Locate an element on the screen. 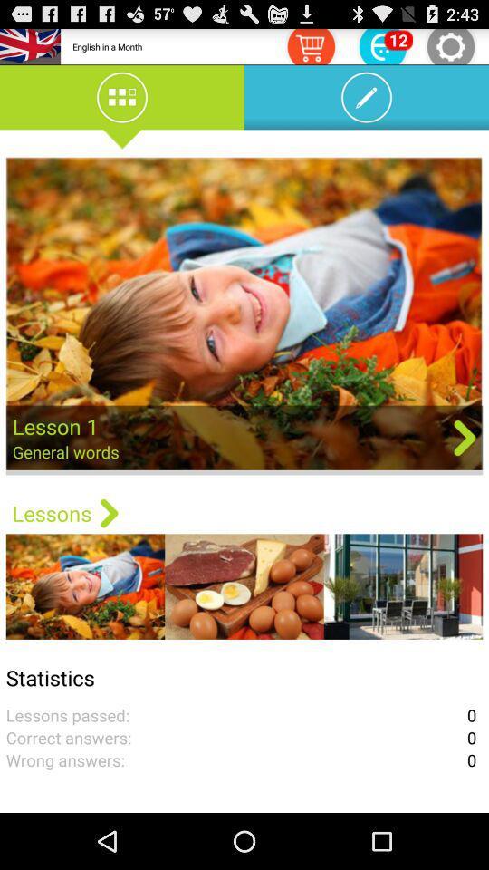 The image size is (489, 870). the next arrow option to the right of lesson 1 text is located at coordinates (465, 436).